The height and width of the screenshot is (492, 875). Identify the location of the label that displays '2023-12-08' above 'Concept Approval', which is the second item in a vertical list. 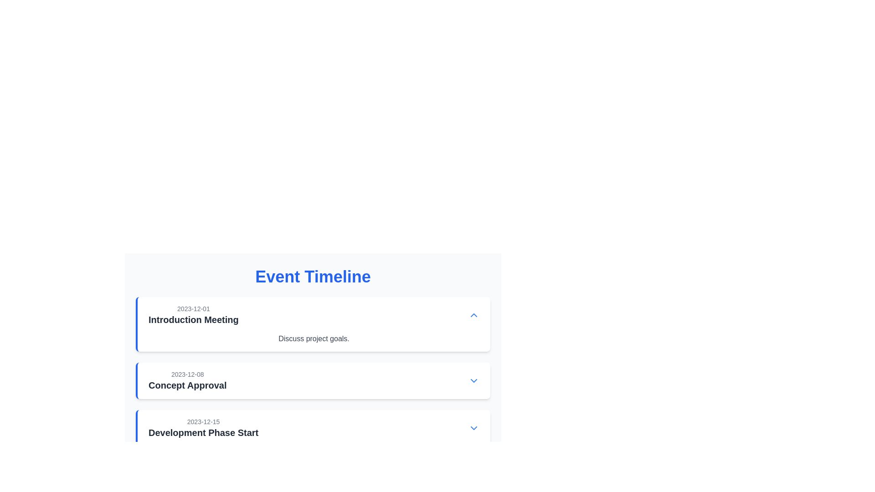
(187, 381).